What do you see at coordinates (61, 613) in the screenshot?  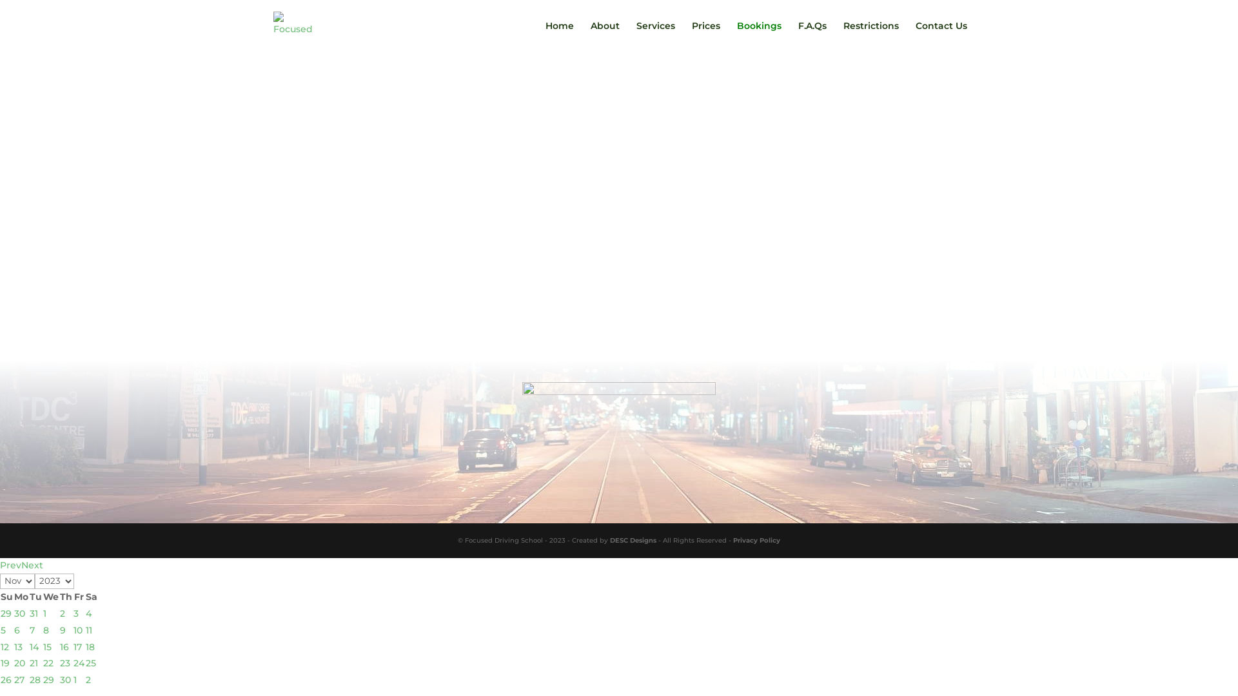 I see `'2'` at bounding box center [61, 613].